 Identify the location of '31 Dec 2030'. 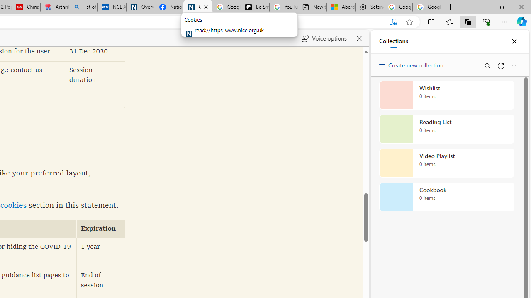
(95, 52).